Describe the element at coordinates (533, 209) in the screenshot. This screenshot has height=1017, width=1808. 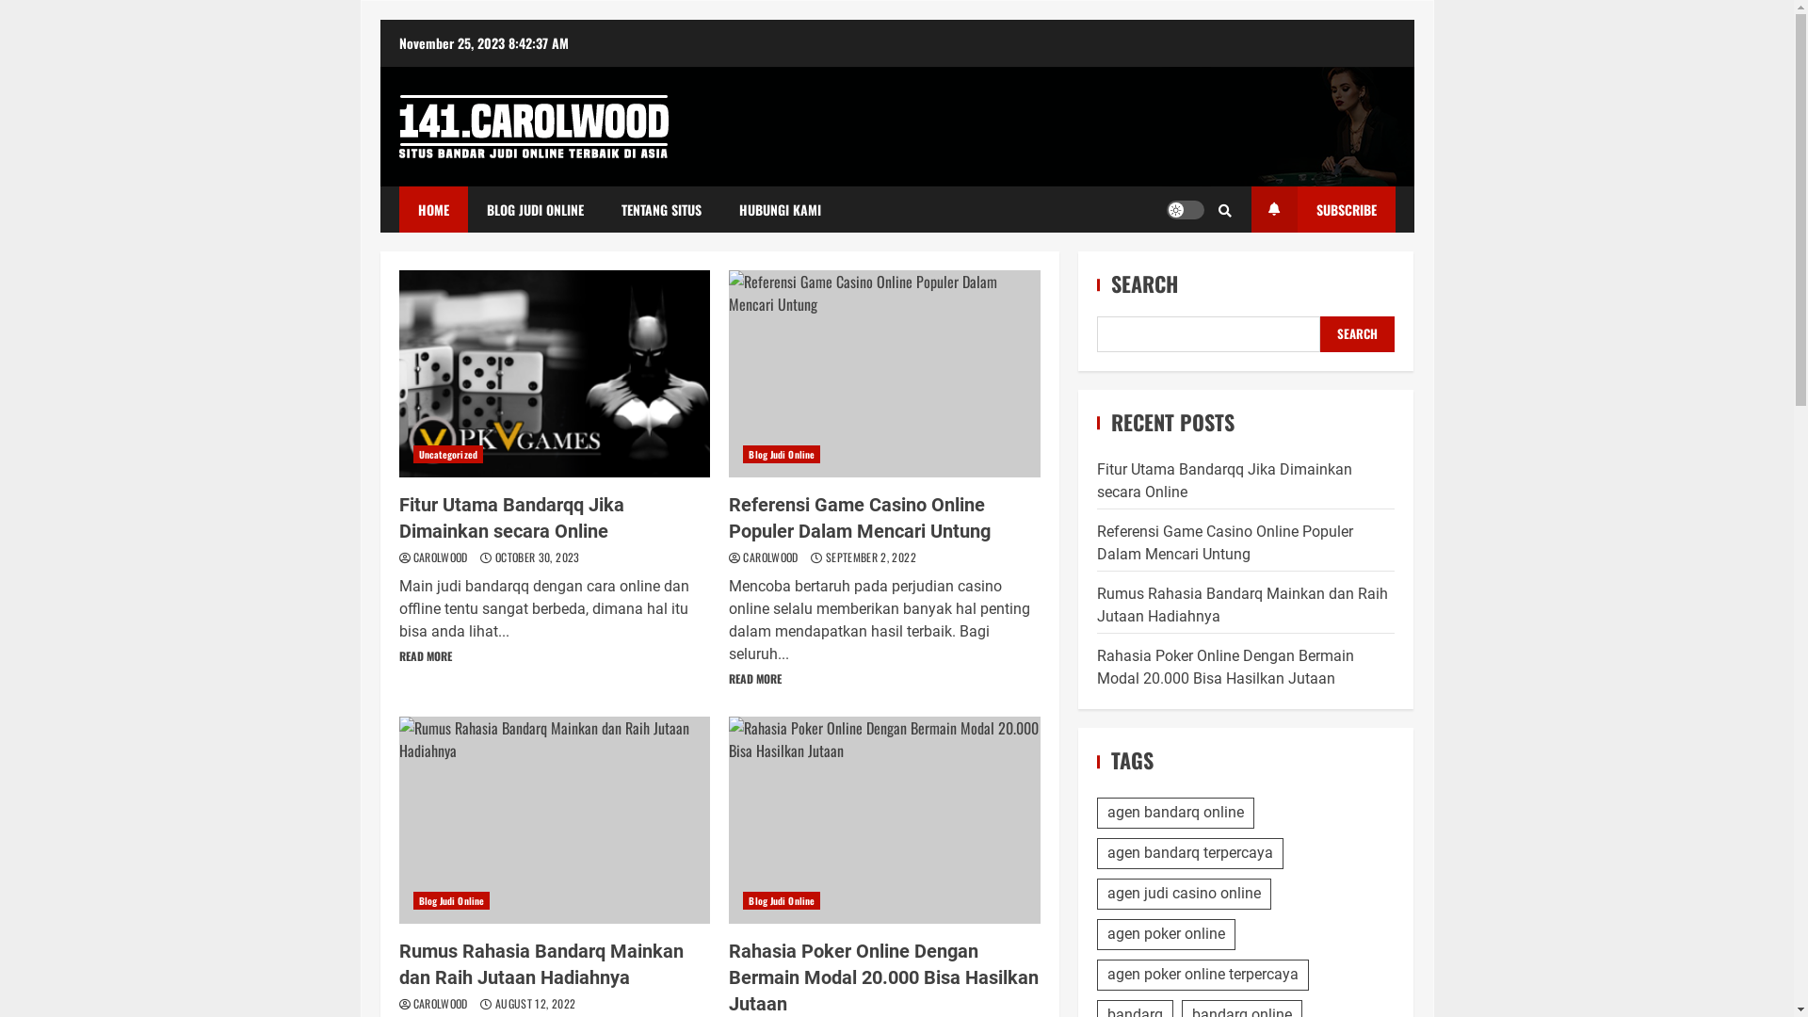
I see `'BLOG JUDI ONLINE'` at that location.